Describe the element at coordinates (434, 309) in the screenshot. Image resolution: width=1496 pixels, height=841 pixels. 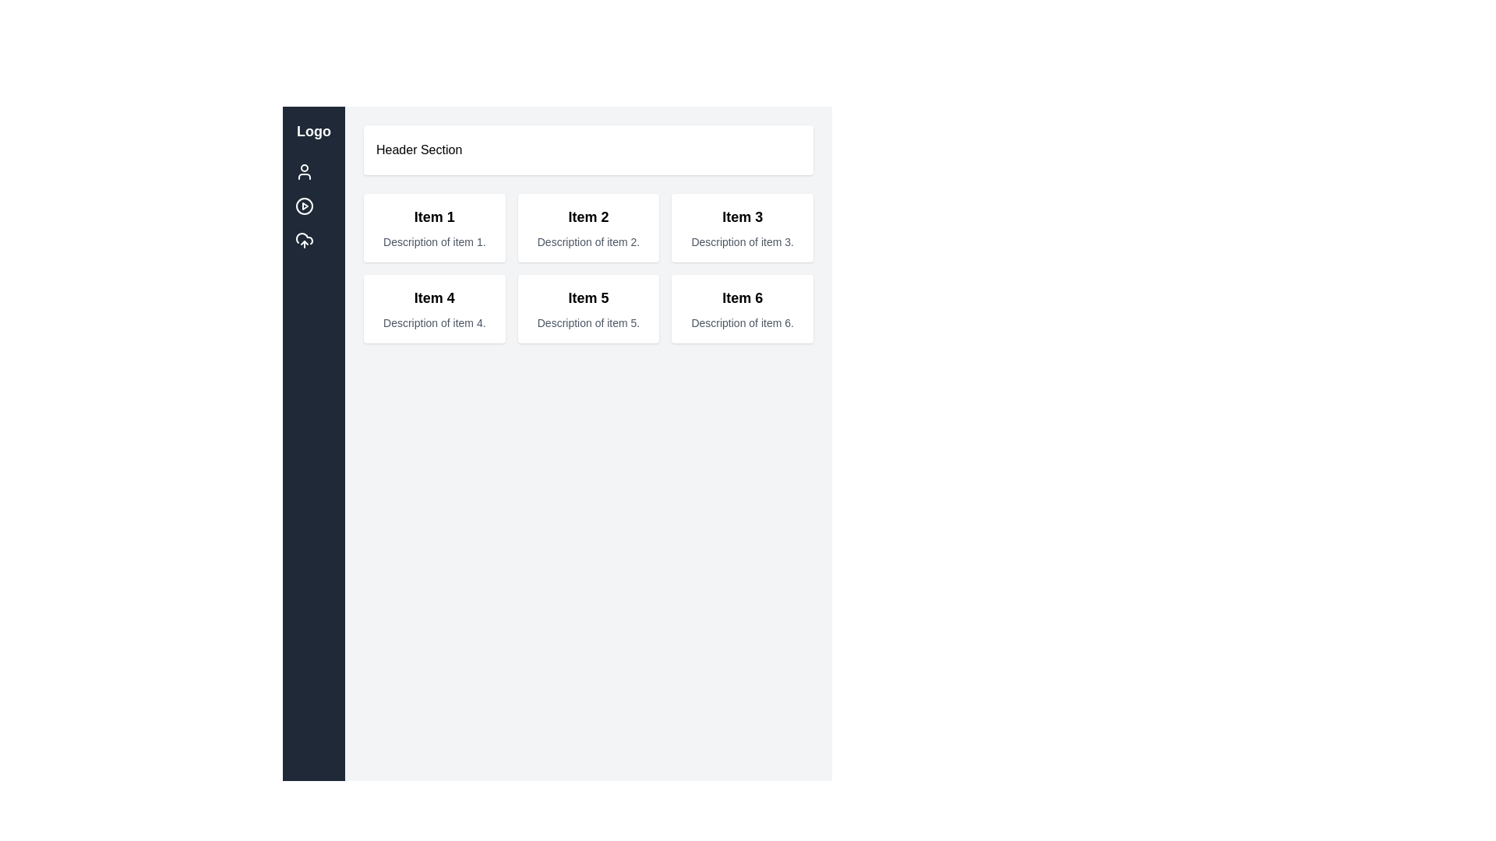
I see `the leftmost item in the second row of the grid layout, which contains a title and description, to interact with it` at that location.